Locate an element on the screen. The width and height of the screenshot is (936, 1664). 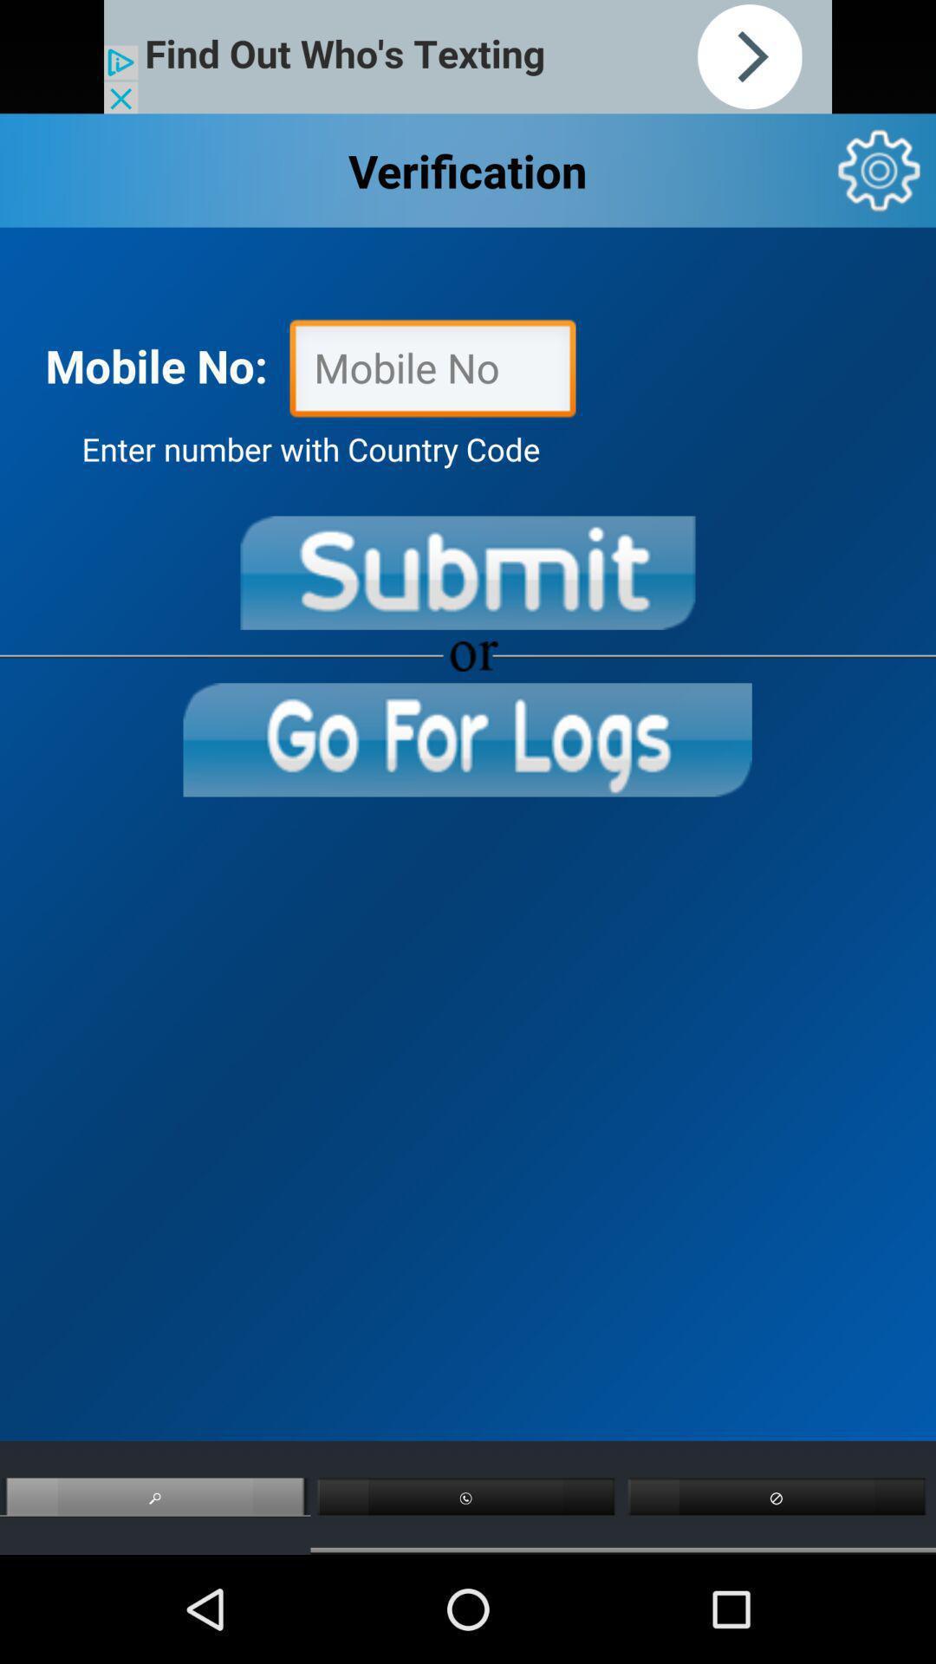
settings is located at coordinates (879, 170).